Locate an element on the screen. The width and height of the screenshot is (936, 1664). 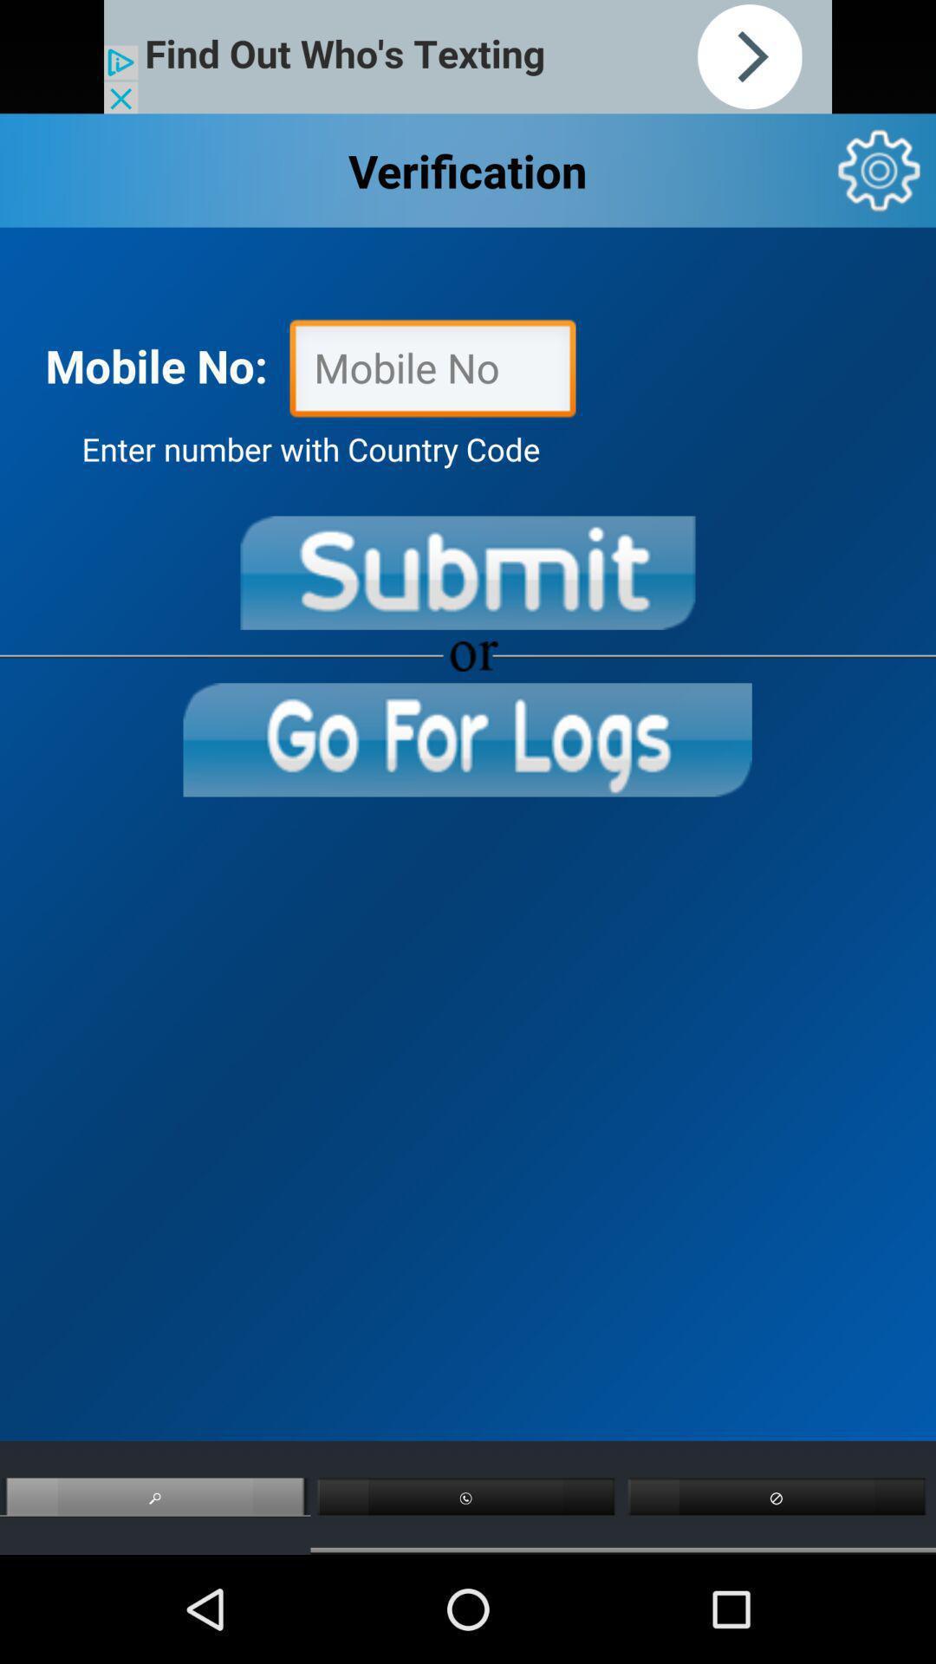
settings is located at coordinates (879, 170).